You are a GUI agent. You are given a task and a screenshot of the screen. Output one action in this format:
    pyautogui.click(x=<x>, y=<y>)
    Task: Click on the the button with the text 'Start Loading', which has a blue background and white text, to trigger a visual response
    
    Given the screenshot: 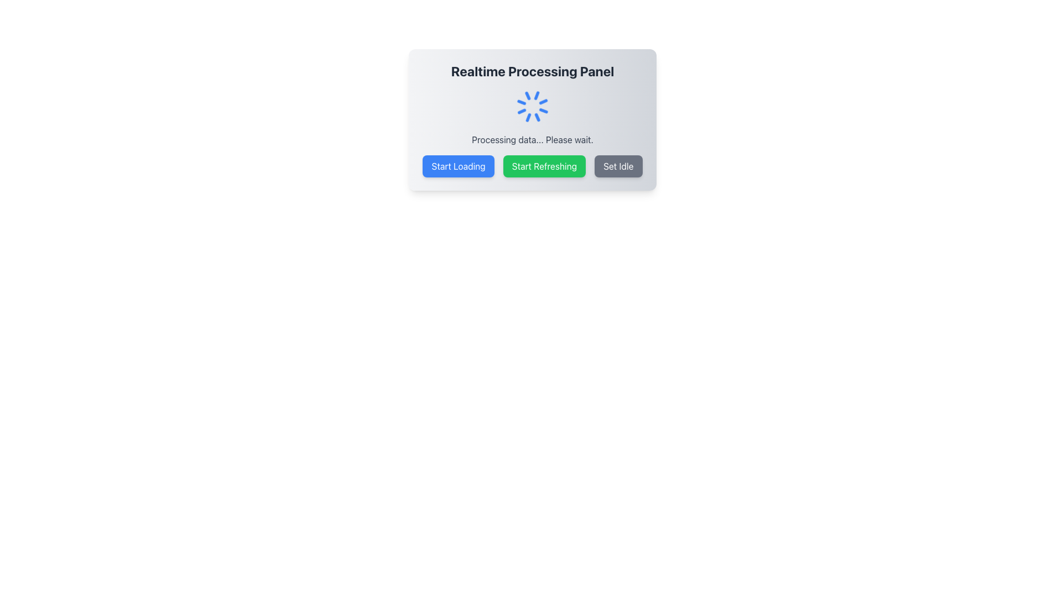 What is the action you would take?
    pyautogui.click(x=459, y=166)
    